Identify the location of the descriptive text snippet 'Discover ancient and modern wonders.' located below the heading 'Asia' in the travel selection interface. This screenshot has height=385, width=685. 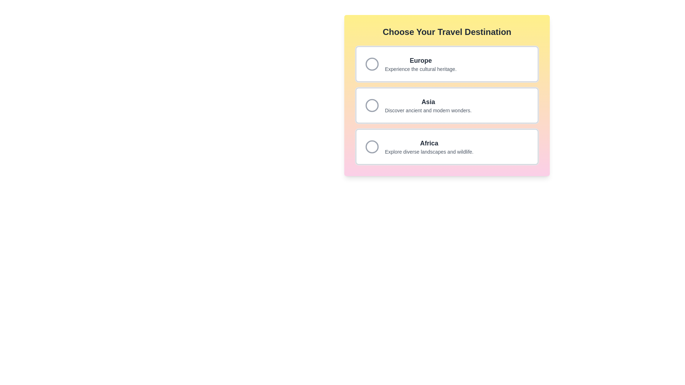
(428, 110).